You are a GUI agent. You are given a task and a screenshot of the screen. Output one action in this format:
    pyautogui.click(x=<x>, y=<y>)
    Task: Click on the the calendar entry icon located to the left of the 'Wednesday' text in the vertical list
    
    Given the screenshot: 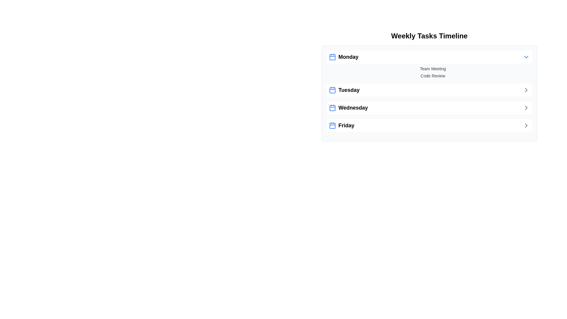 What is the action you would take?
    pyautogui.click(x=333, y=108)
    